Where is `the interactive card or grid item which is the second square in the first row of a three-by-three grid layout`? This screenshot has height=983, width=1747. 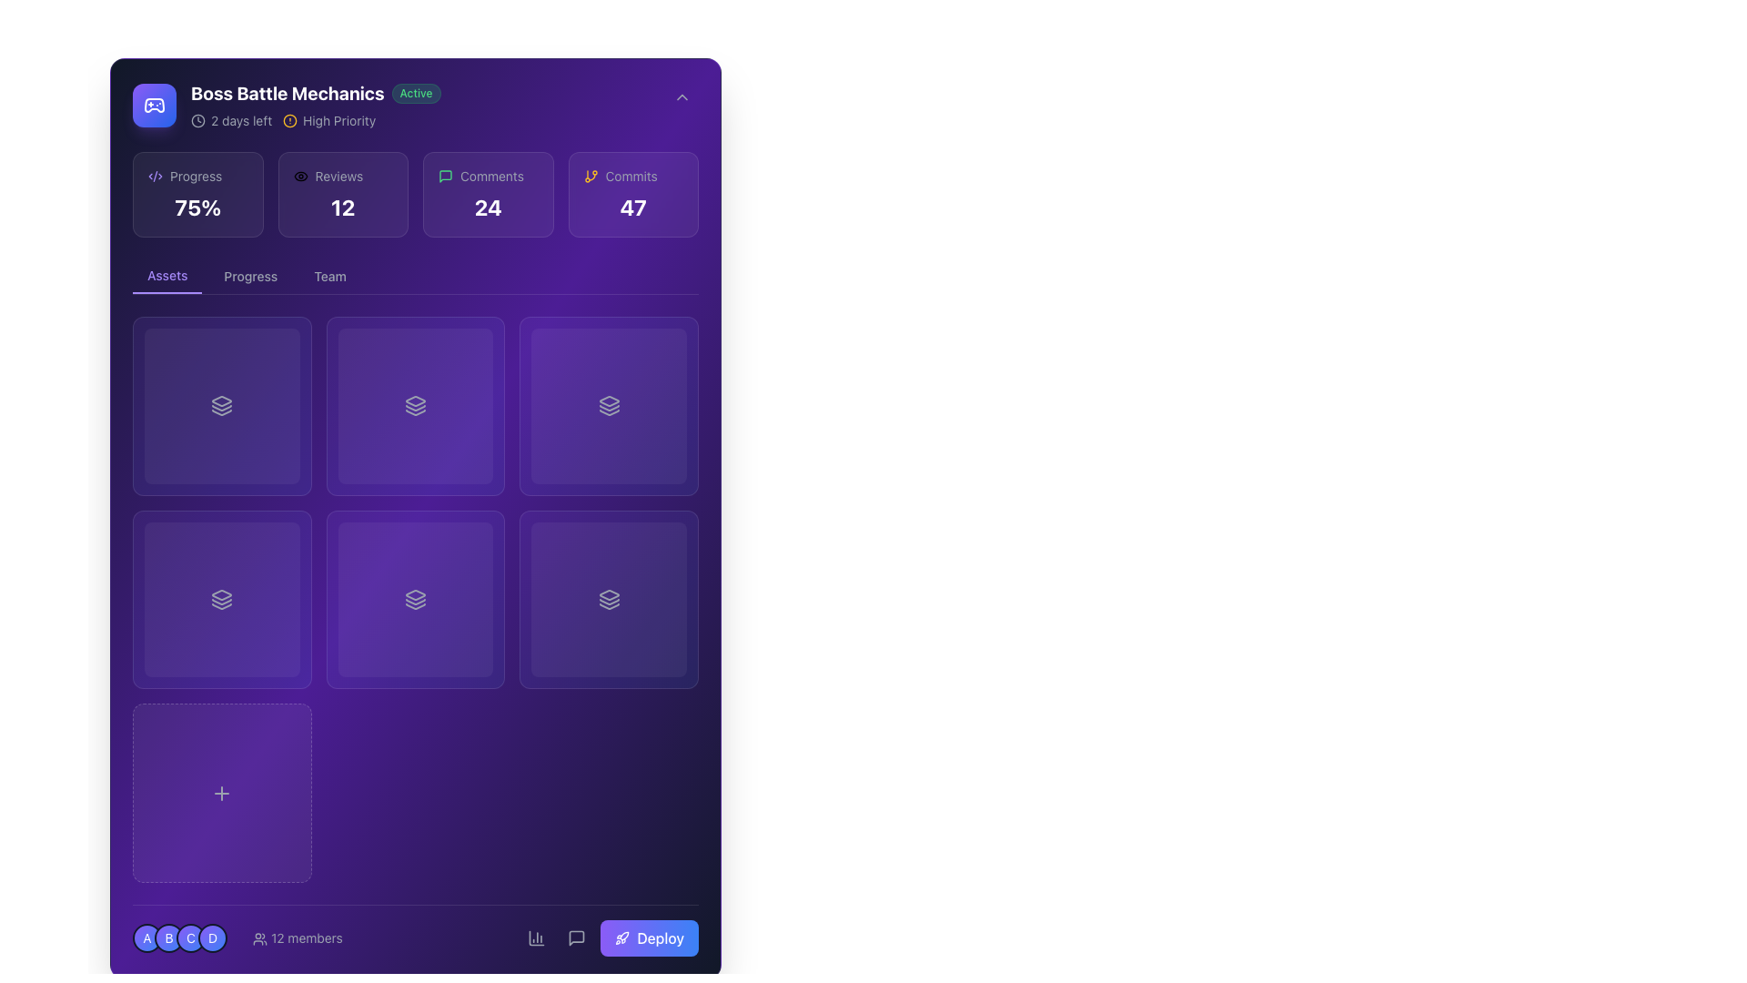 the interactive card or grid item which is the second square in the first row of a three-by-three grid layout is located at coordinates (414, 405).